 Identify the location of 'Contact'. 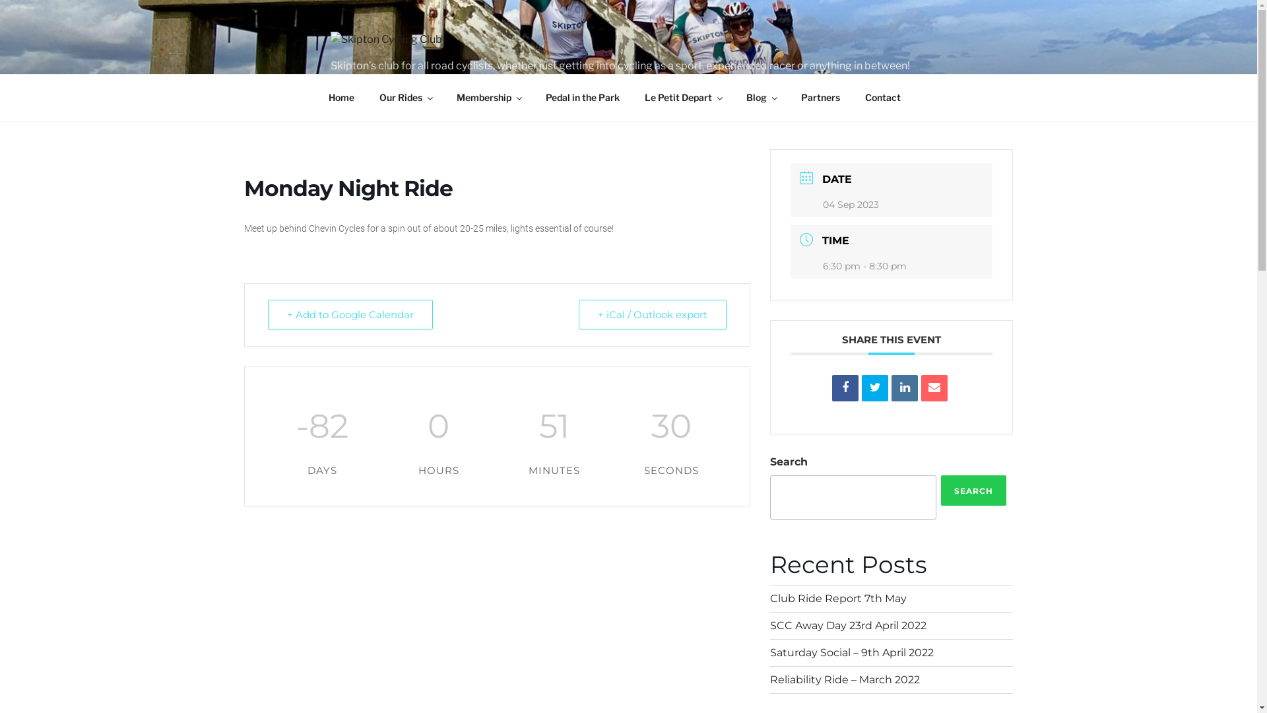
(854, 96).